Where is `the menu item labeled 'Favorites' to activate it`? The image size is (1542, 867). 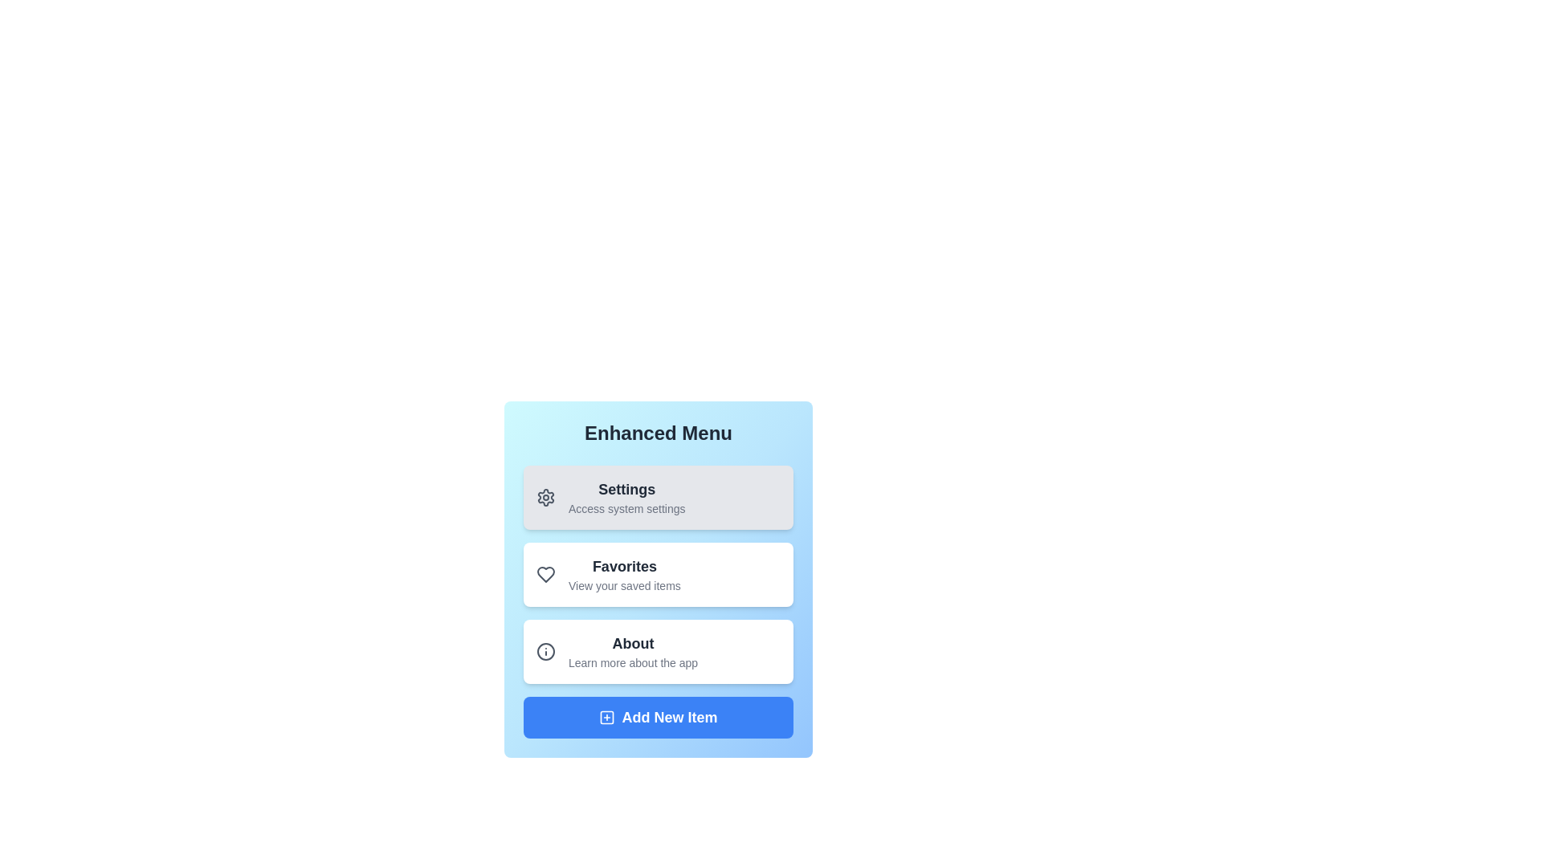 the menu item labeled 'Favorites' to activate it is located at coordinates (659, 574).